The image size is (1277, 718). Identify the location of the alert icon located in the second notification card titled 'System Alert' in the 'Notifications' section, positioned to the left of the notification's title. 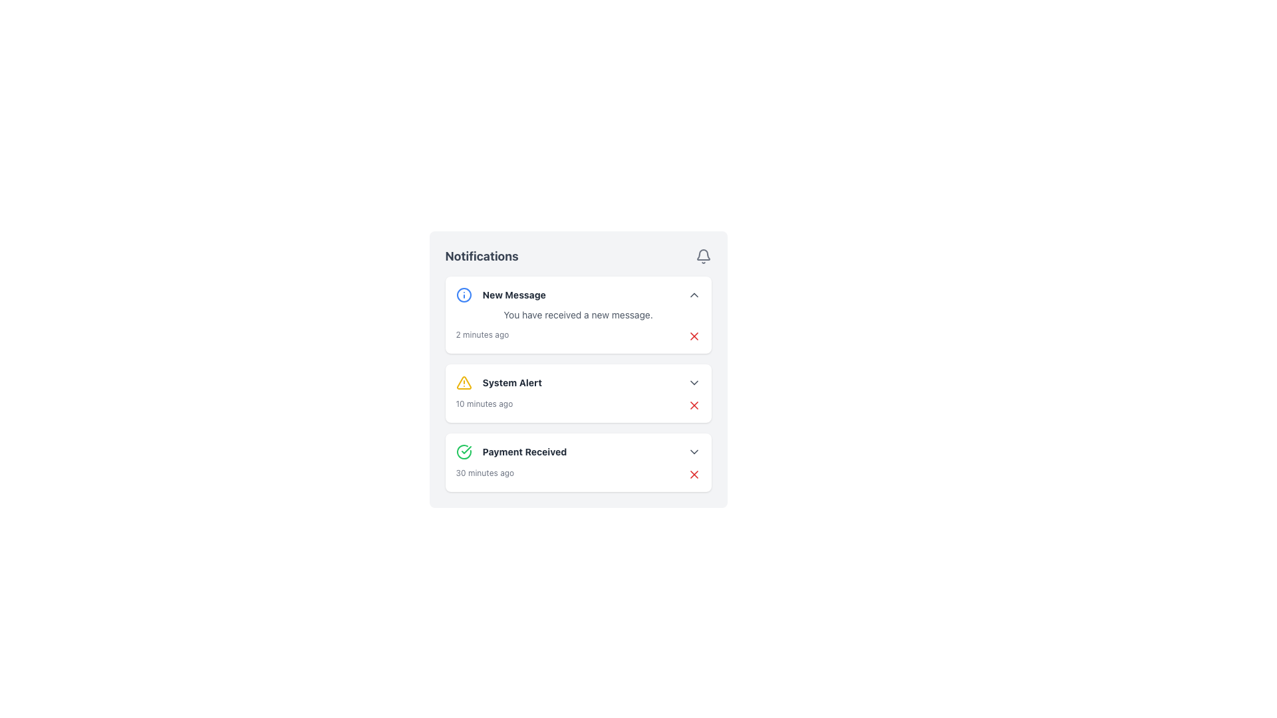
(464, 382).